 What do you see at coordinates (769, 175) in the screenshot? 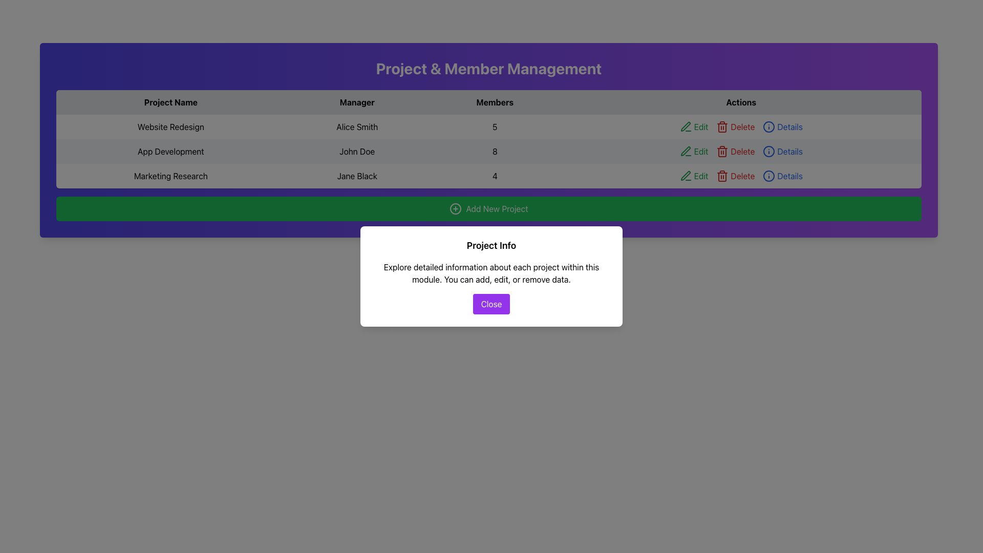
I see `the informational icon located in the 'Actions' column of the third item in the table` at bounding box center [769, 175].